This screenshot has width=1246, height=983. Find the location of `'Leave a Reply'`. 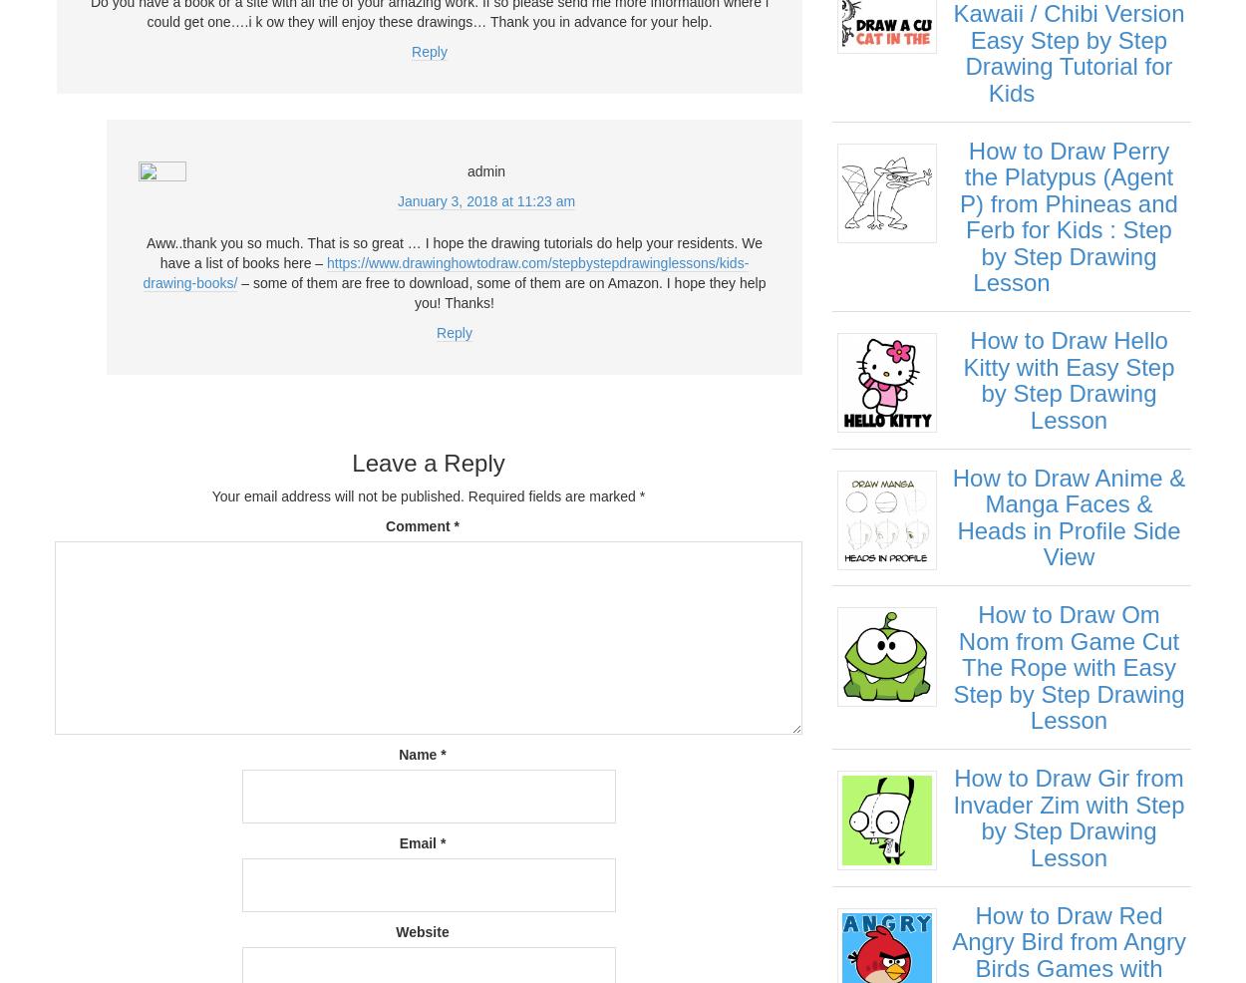

'Leave a Reply' is located at coordinates (351, 463).